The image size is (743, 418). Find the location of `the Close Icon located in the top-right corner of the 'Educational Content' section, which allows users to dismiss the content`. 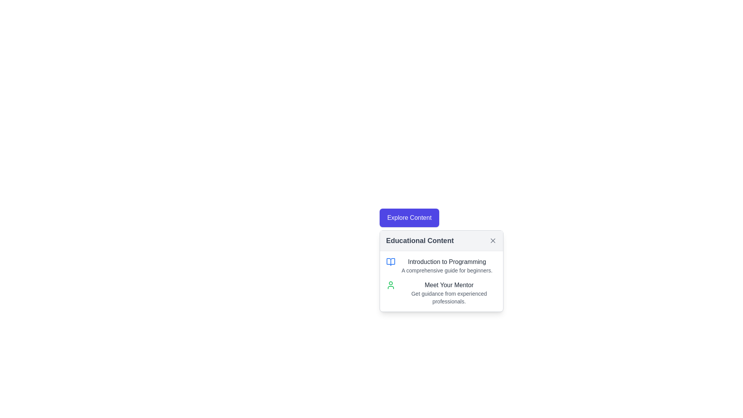

the Close Icon located in the top-right corner of the 'Educational Content' section, which allows users to dismiss the content is located at coordinates (492, 240).